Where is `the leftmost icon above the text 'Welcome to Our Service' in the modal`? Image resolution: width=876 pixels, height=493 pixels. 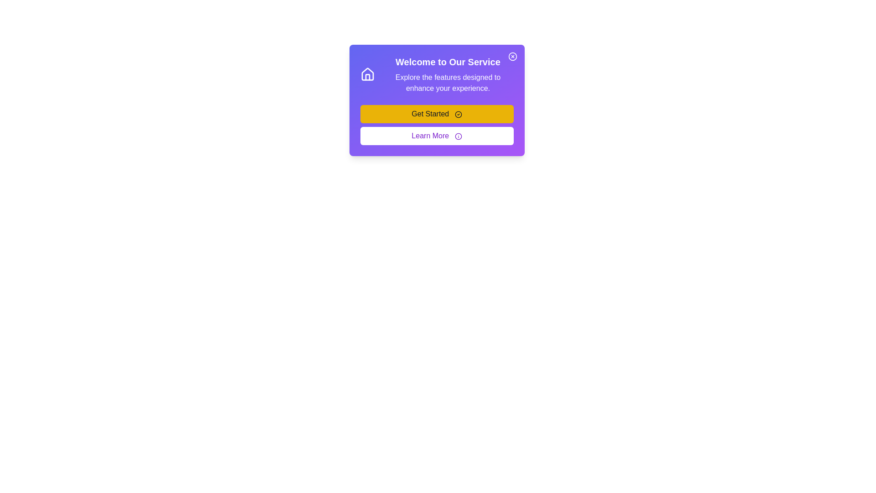 the leftmost icon above the text 'Welcome to Our Service' in the modal is located at coordinates (368, 74).